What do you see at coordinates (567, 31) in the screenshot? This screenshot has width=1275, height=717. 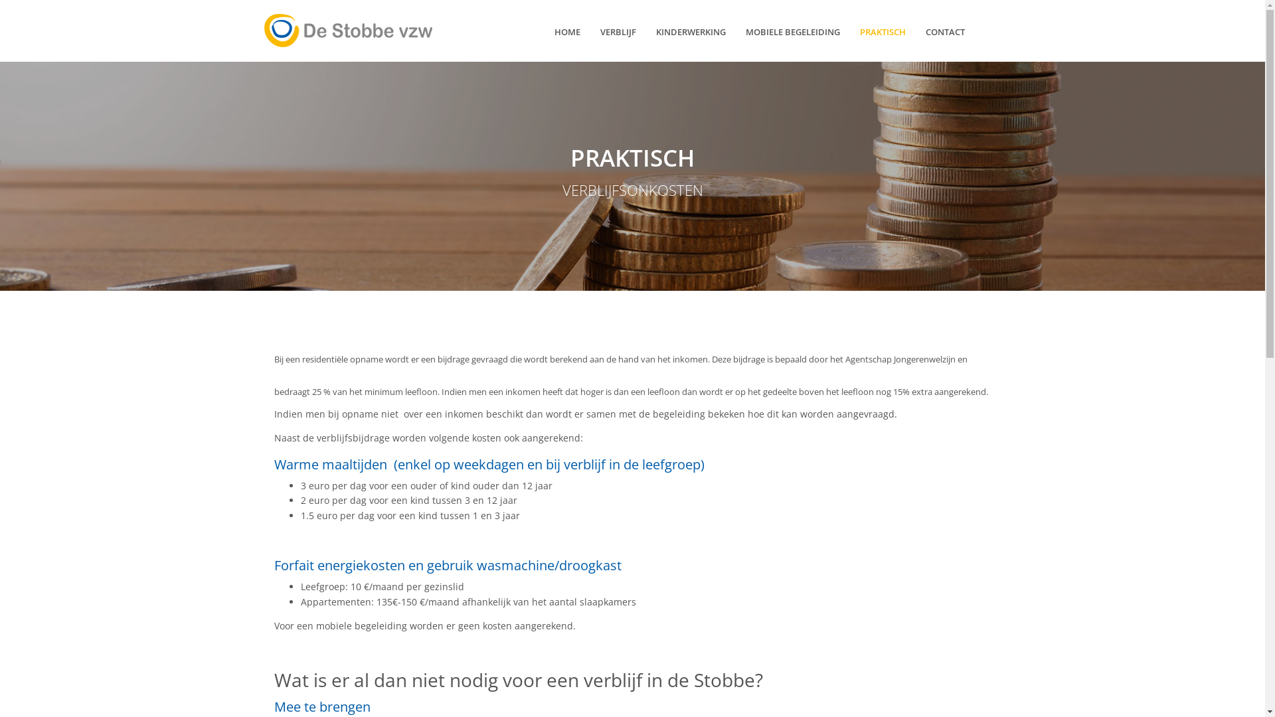 I see `'HOME'` at bounding box center [567, 31].